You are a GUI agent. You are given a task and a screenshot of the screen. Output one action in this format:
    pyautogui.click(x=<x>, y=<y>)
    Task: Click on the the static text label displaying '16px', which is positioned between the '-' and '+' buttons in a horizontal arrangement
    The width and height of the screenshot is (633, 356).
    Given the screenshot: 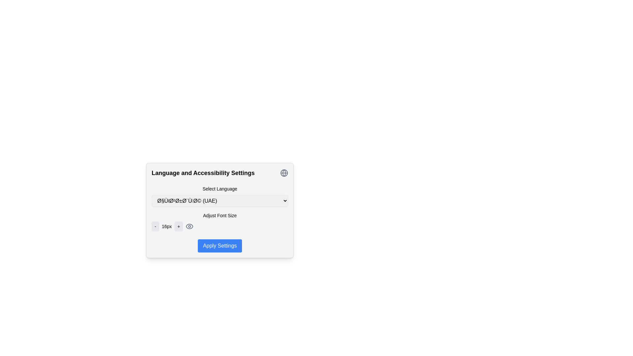 What is the action you would take?
    pyautogui.click(x=166, y=226)
    